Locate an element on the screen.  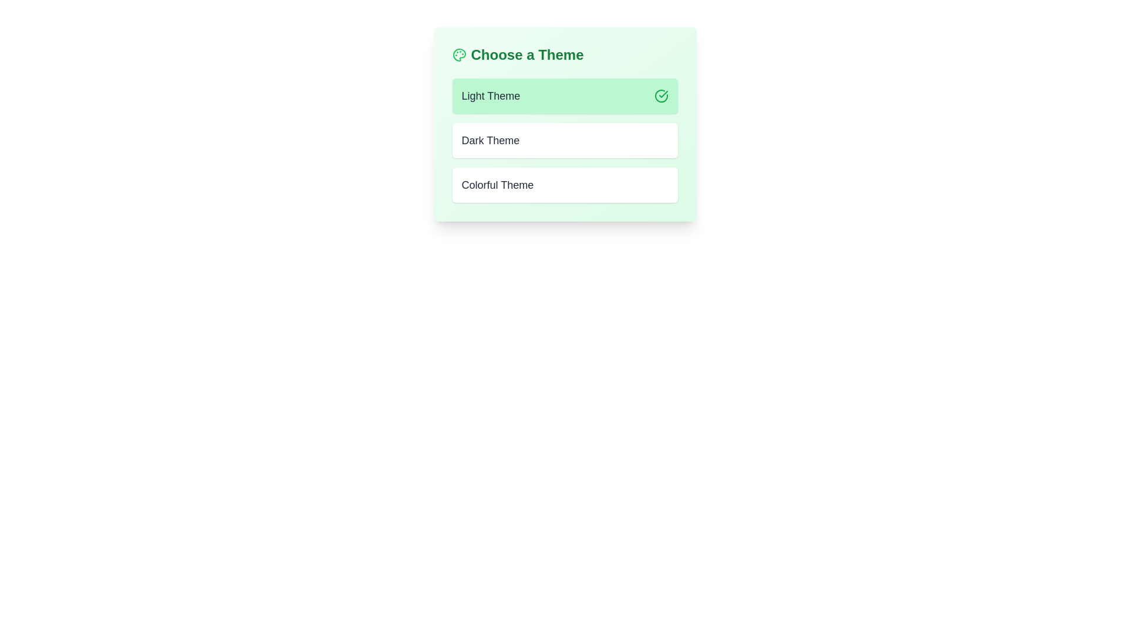
the static text label displaying 'Colorful Theme' in large, dark gray font located in the bottom box of the theme selection card is located at coordinates (497, 185).